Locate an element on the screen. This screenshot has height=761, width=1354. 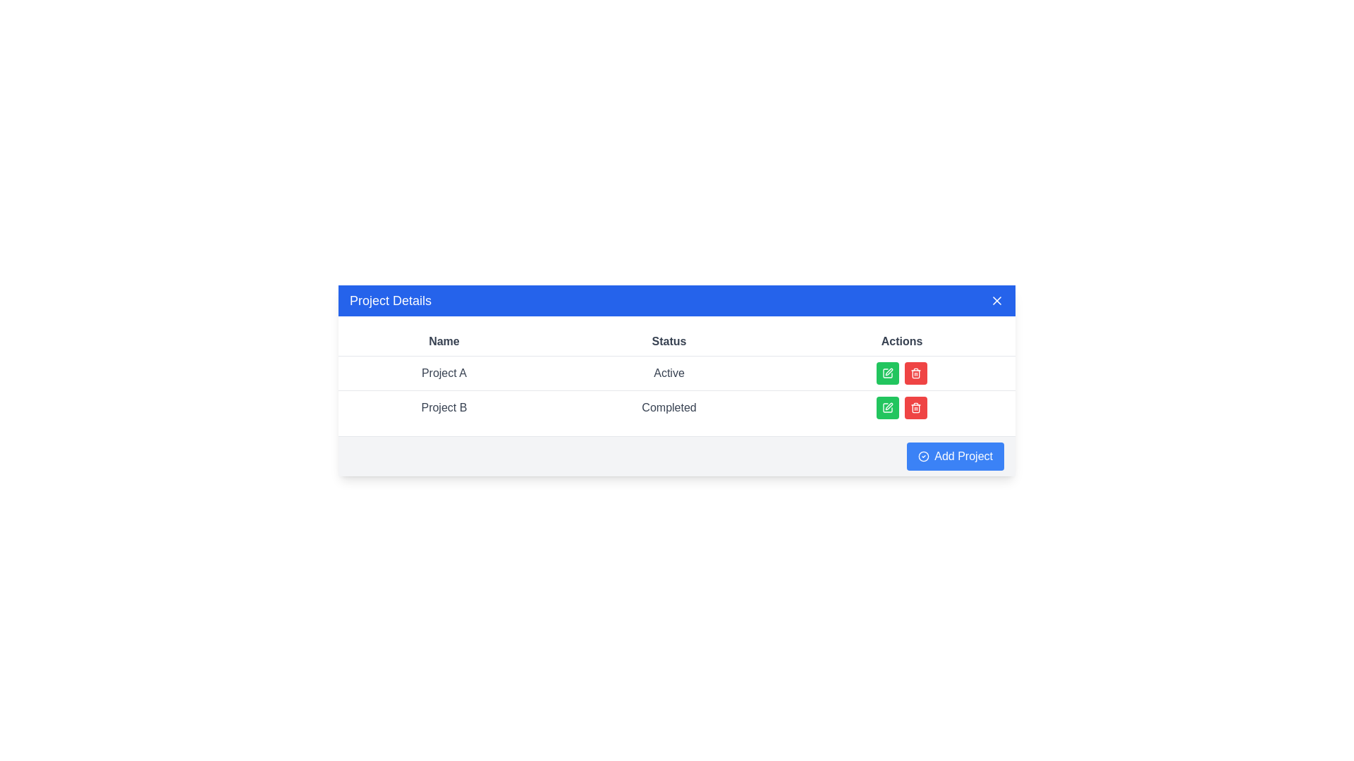
the diagonal cross icon located in the top-right corner of the blue header bar labeled 'Project Details' is located at coordinates (996, 299).